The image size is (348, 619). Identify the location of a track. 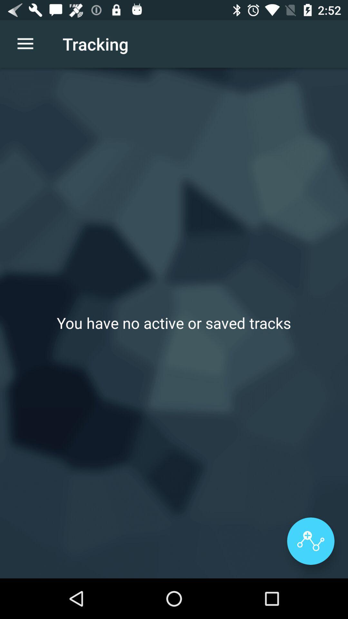
(310, 541).